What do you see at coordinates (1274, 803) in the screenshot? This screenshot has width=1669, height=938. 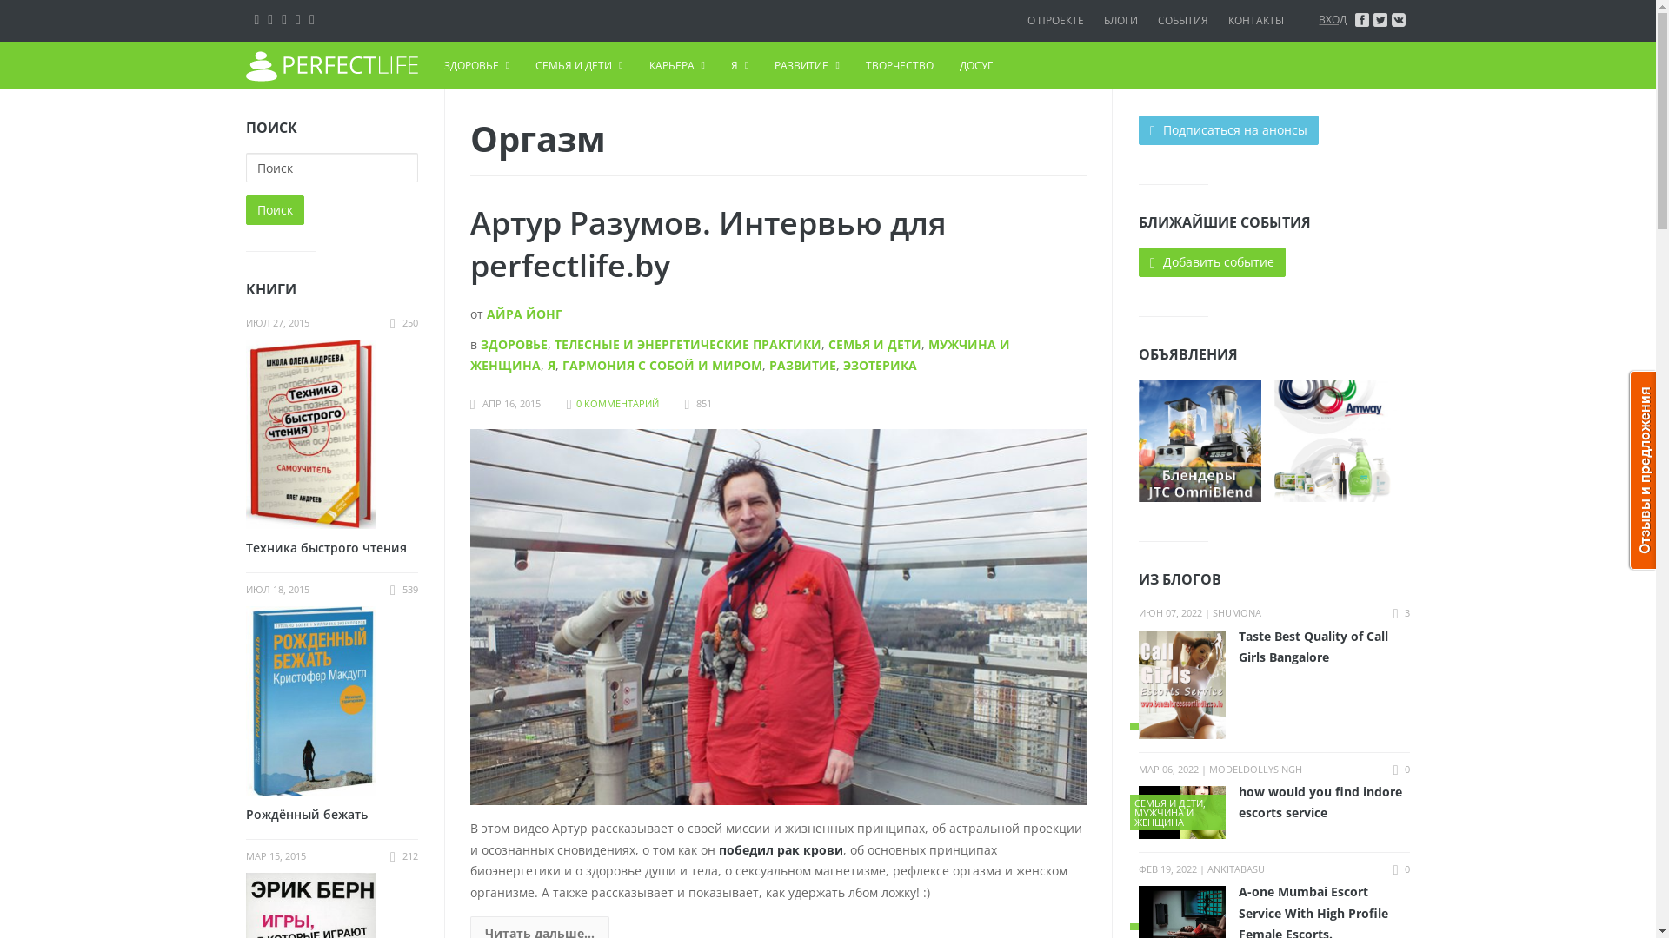 I see `'how would you find indore escorts service'` at bounding box center [1274, 803].